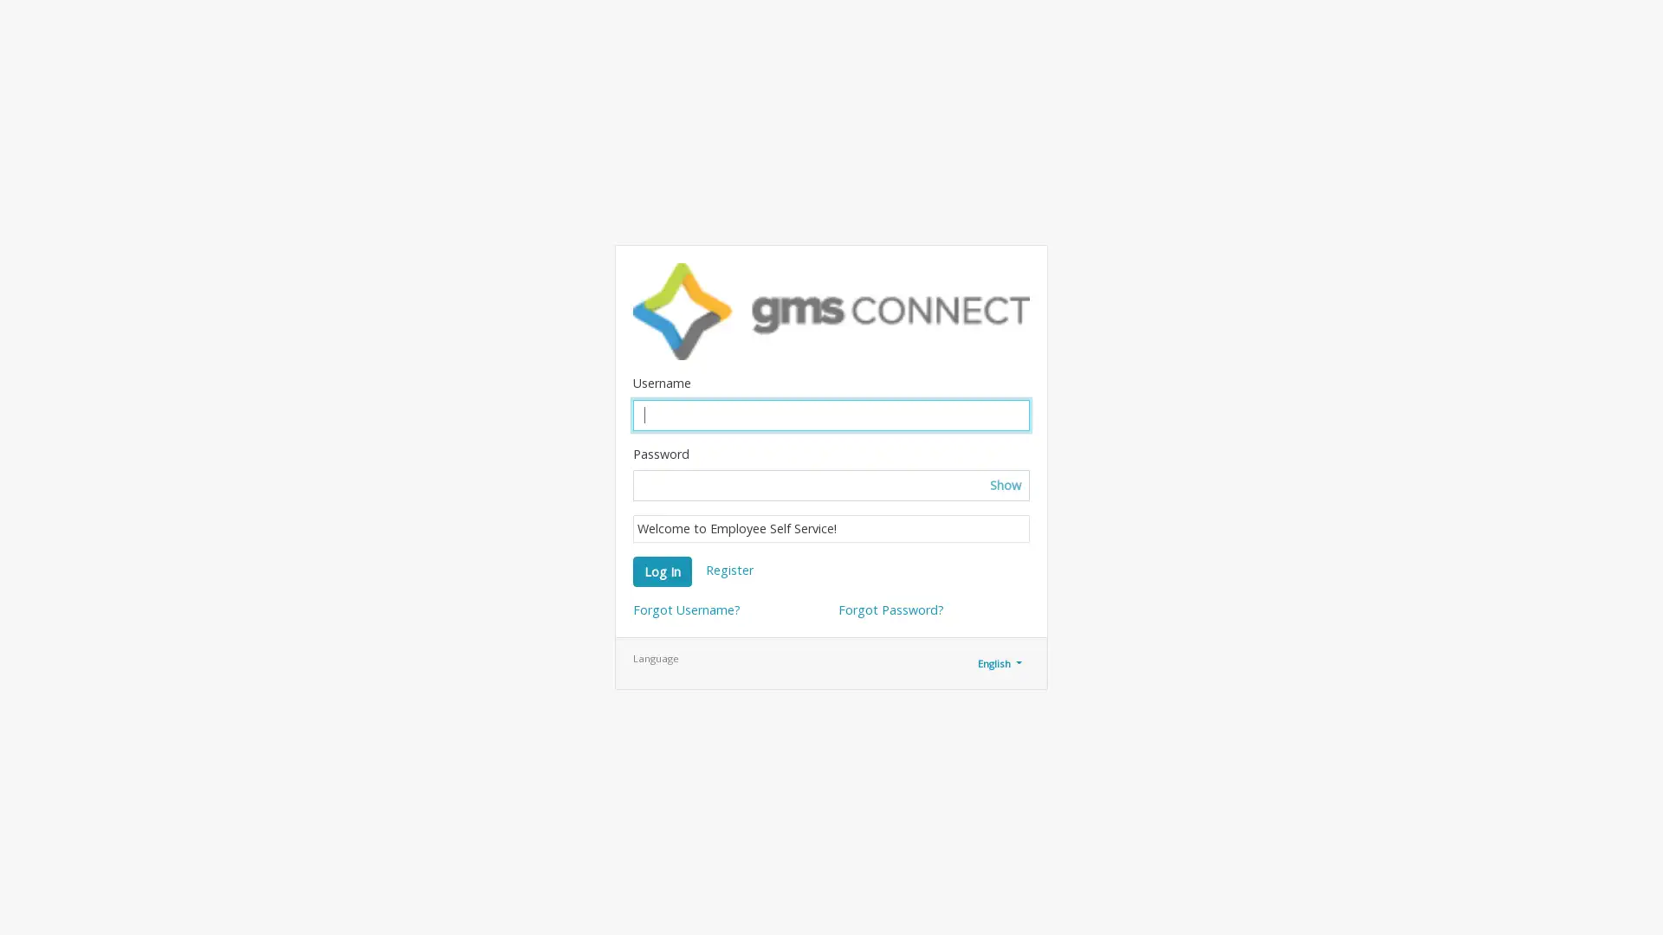 This screenshot has height=935, width=1663. What do you see at coordinates (661, 571) in the screenshot?
I see `Log In` at bounding box center [661, 571].